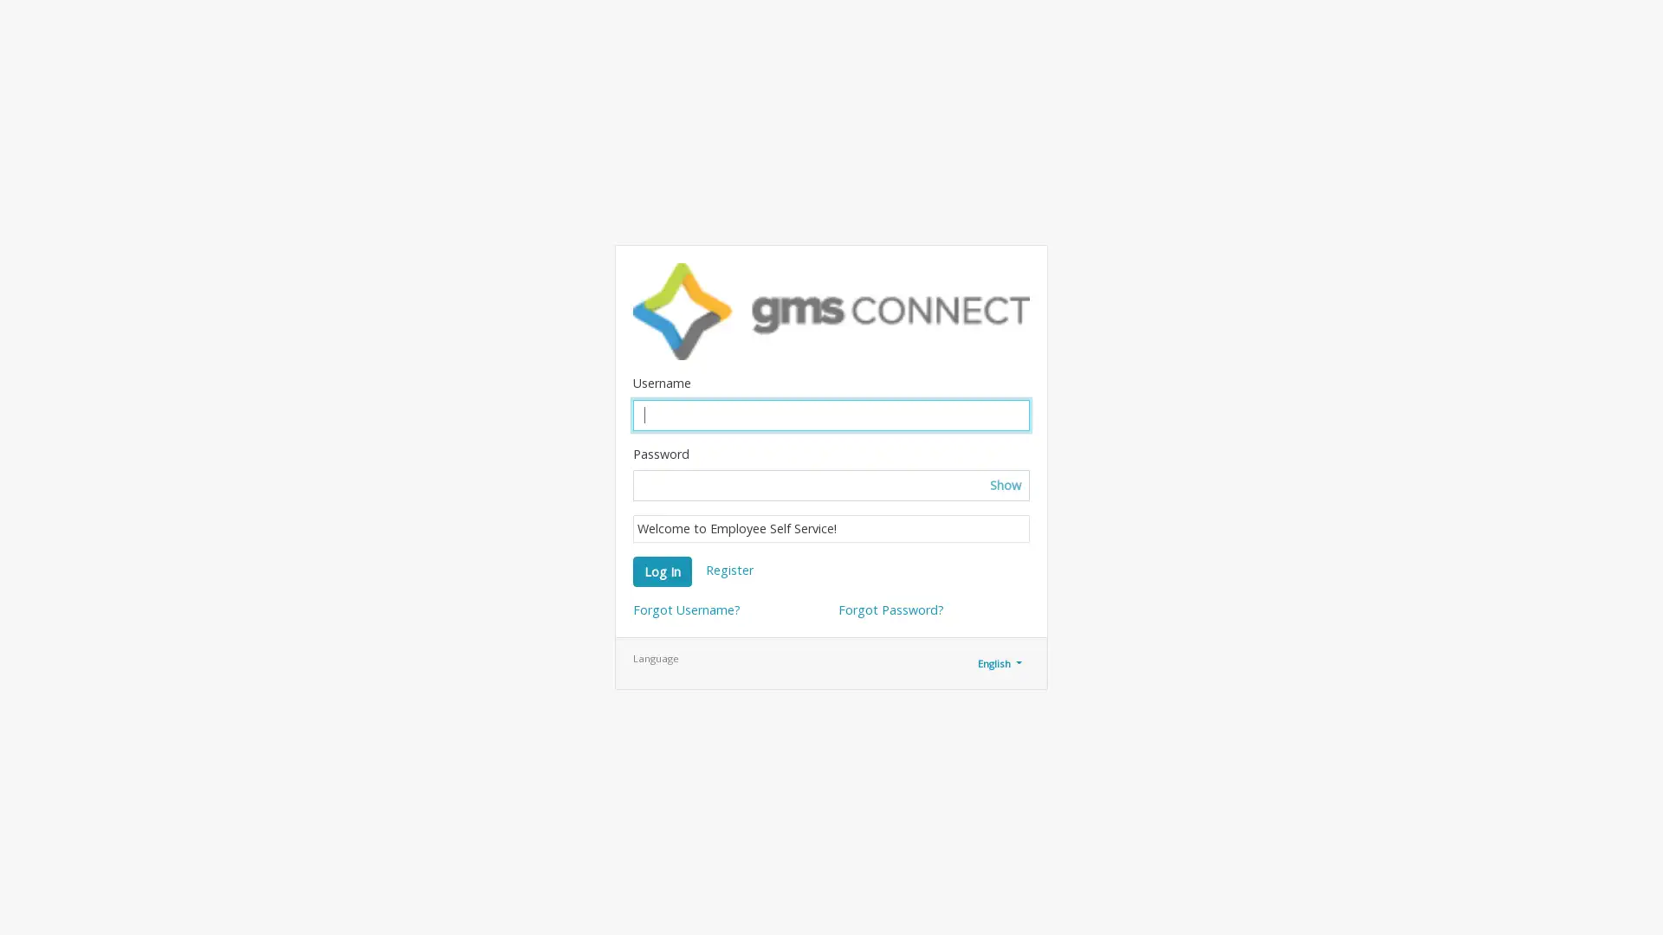 This screenshot has height=935, width=1663. What do you see at coordinates (661, 571) in the screenshot?
I see `Log In` at bounding box center [661, 571].